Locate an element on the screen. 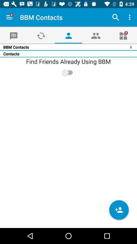  the avatar icon is located at coordinates (68, 35).